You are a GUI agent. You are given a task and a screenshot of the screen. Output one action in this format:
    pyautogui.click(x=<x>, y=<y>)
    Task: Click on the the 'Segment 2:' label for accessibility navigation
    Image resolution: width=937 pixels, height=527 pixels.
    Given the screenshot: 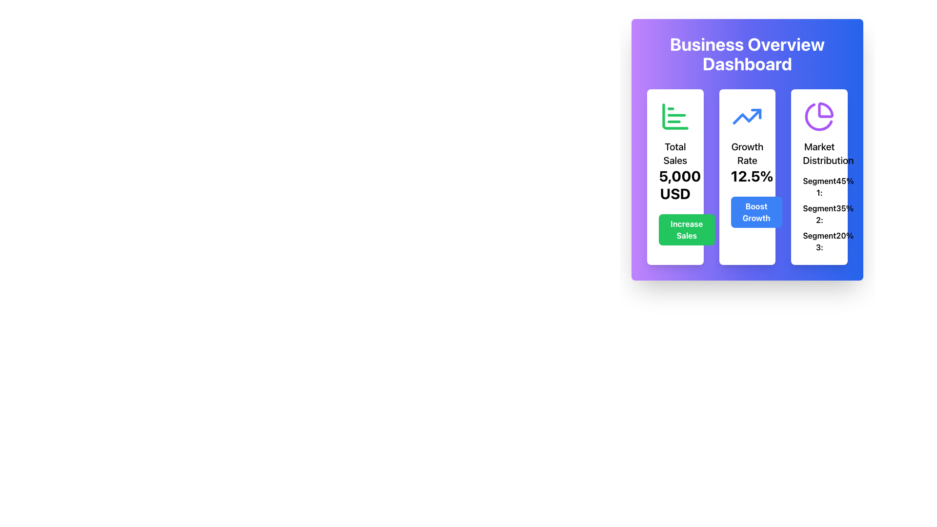 What is the action you would take?
    pyautogui.click(x=819, y=214)
    